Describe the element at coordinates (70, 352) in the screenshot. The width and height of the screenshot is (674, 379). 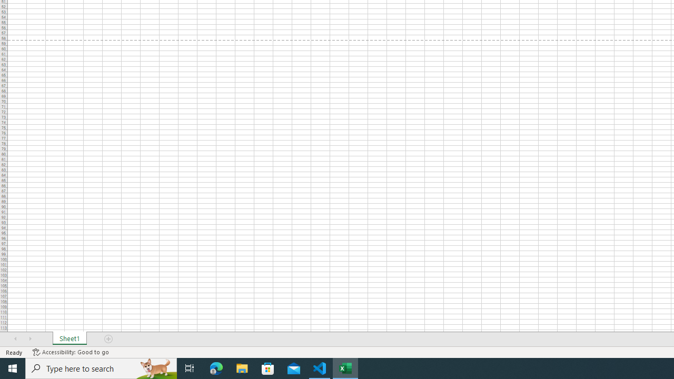
I see `'Accessibility Checker Accessibility: Good to go'` at that location.